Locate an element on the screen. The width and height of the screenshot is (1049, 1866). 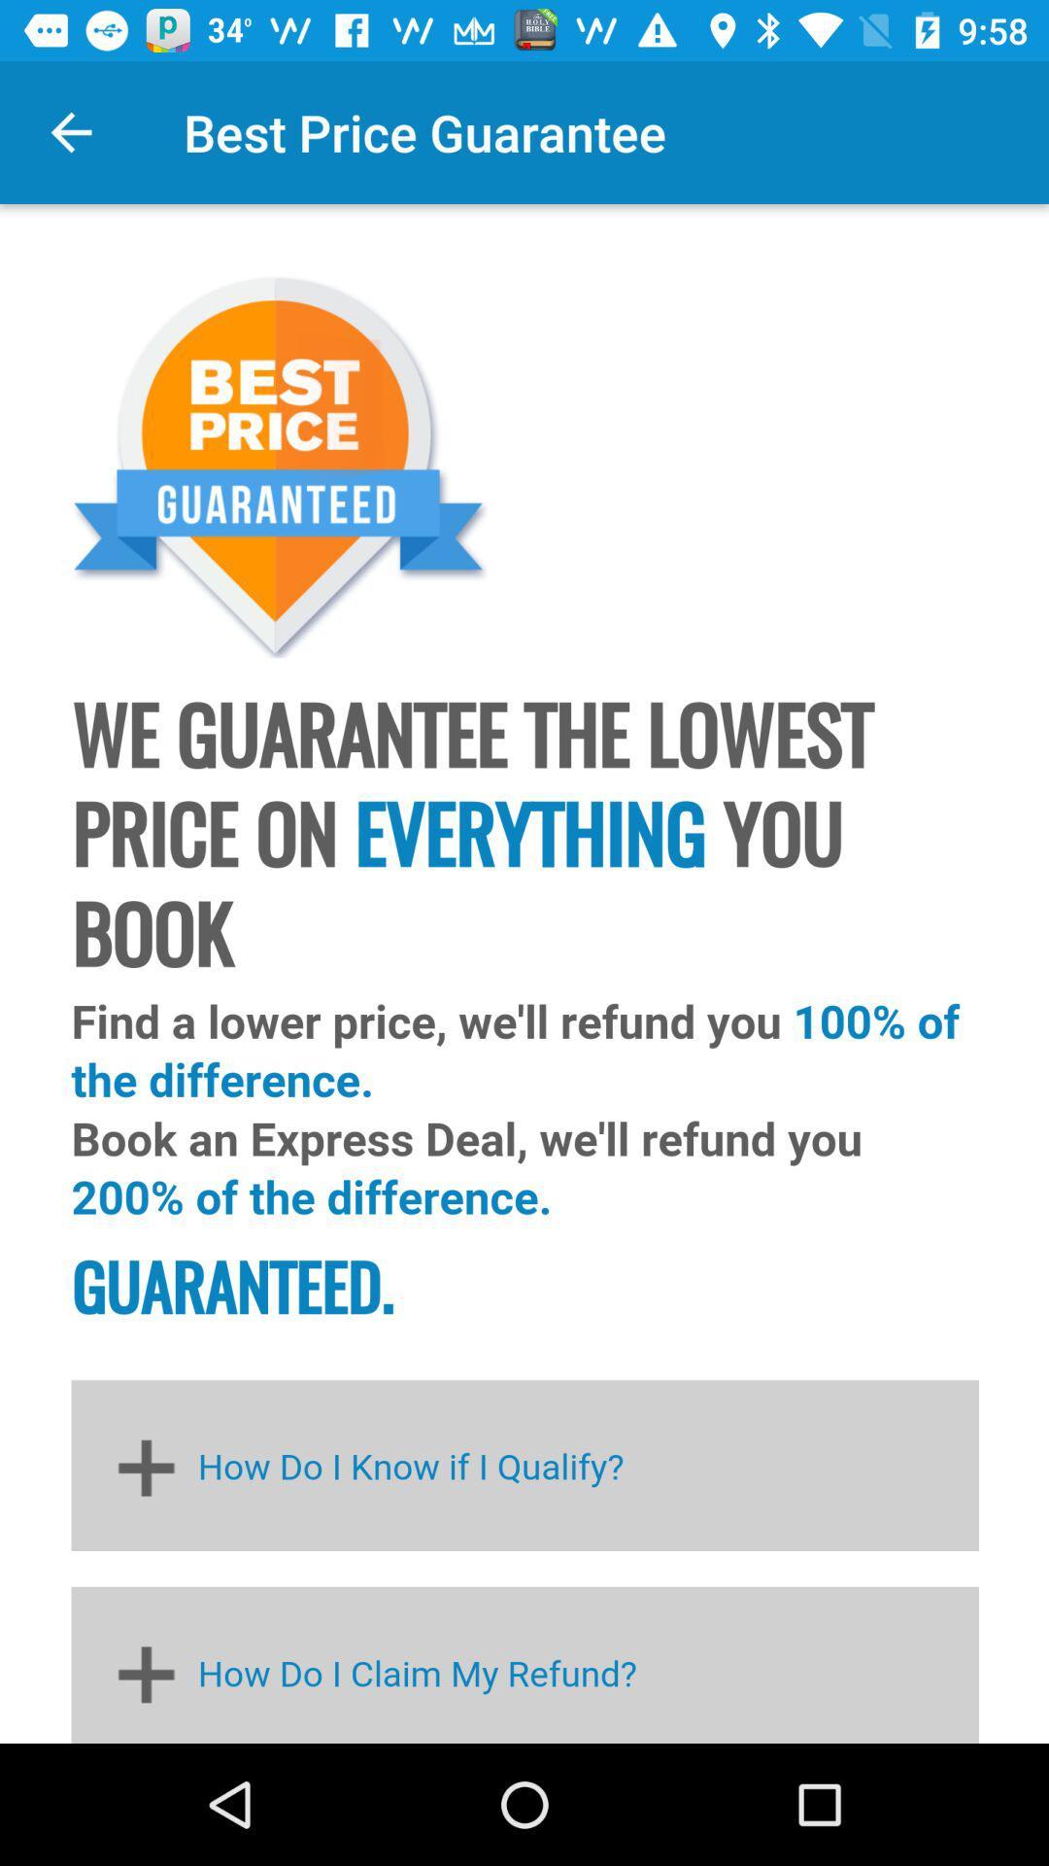
make advertisement is located at coordinates (524, 974).